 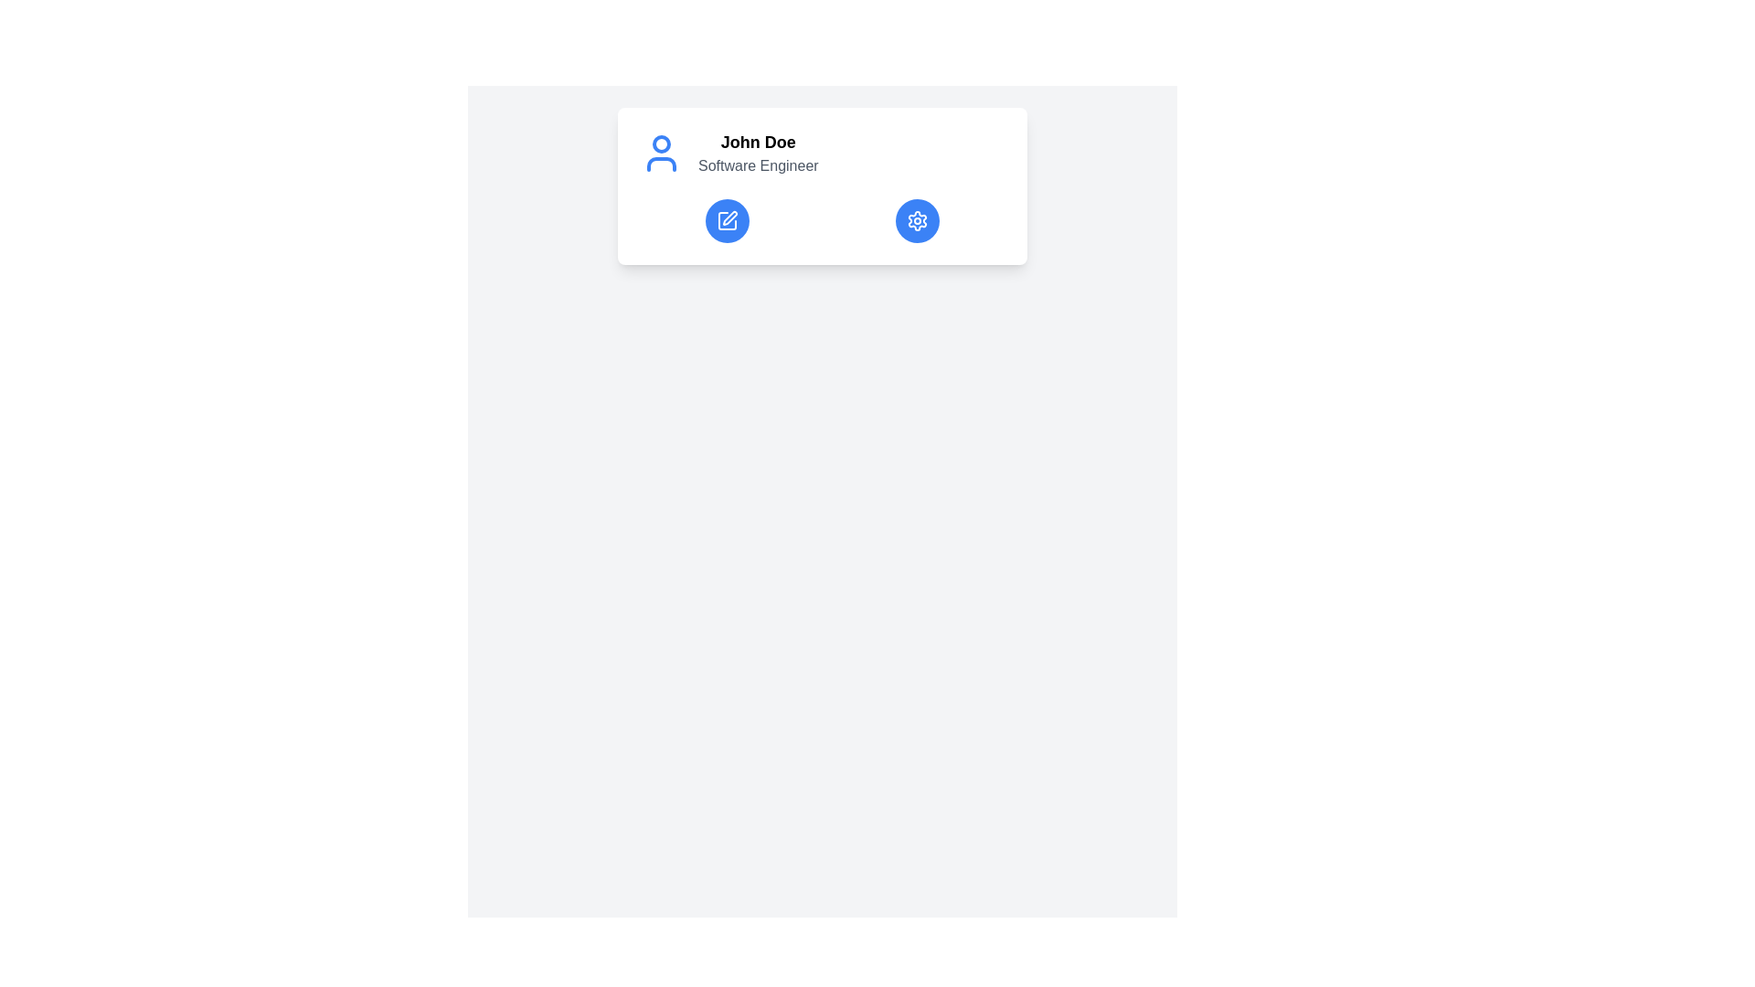 What do you see at coordinates (758, 165) in the screenshot?
I see `text displayed in the Text Label element that shows 'Software Engineer' beneath 'John Doe'` at bounding box center [758, 165].